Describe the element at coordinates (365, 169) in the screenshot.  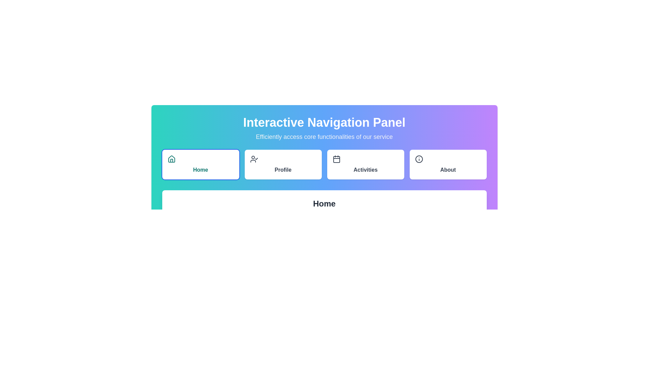
I see `bold text label displaying 'Activities' located within the center of the button component in the horizontal navigation menu` at that location.